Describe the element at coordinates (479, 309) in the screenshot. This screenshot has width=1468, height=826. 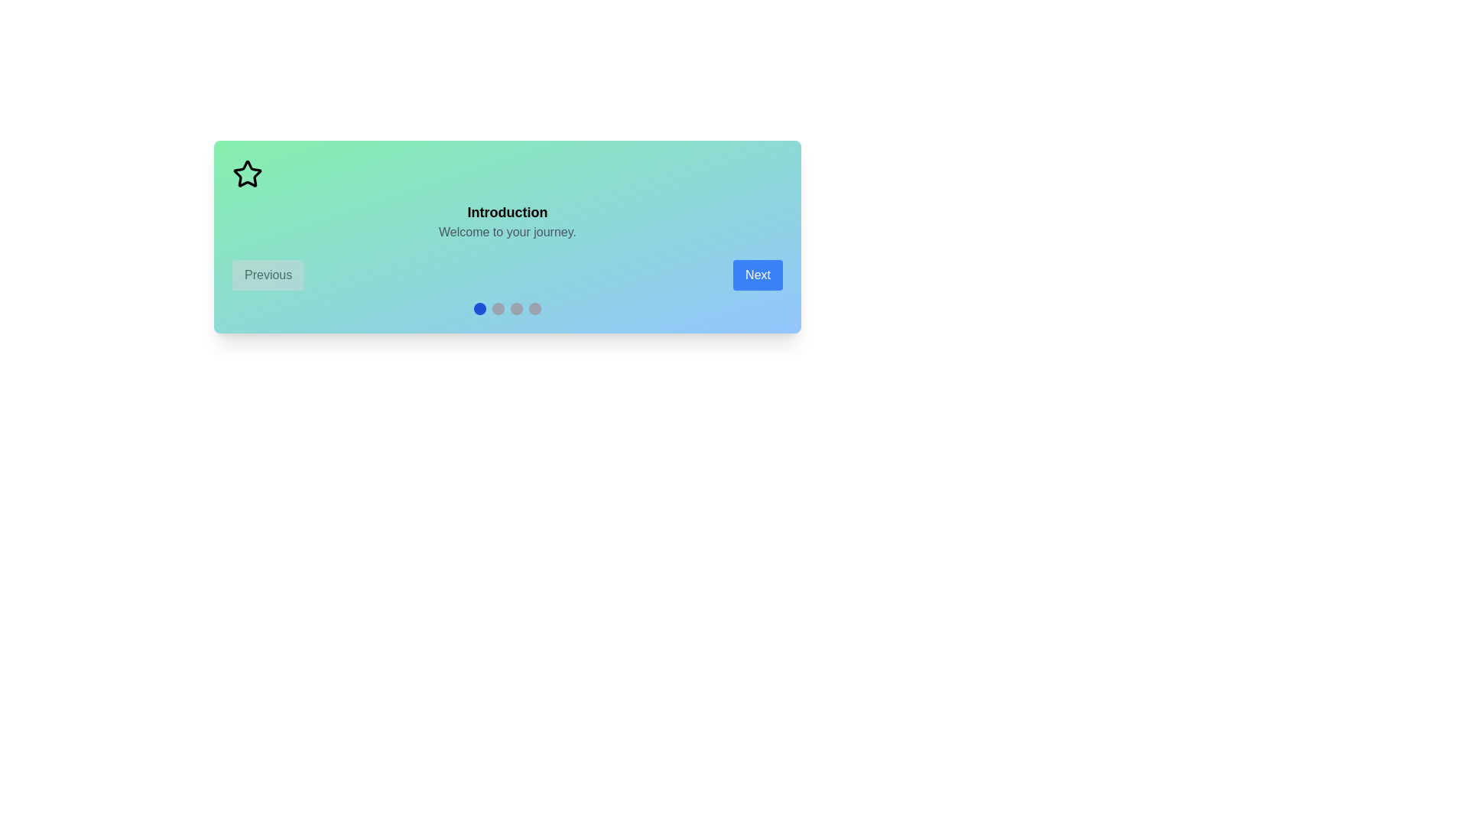
I see `the indicator corresponding to the scene number 1` at that location.